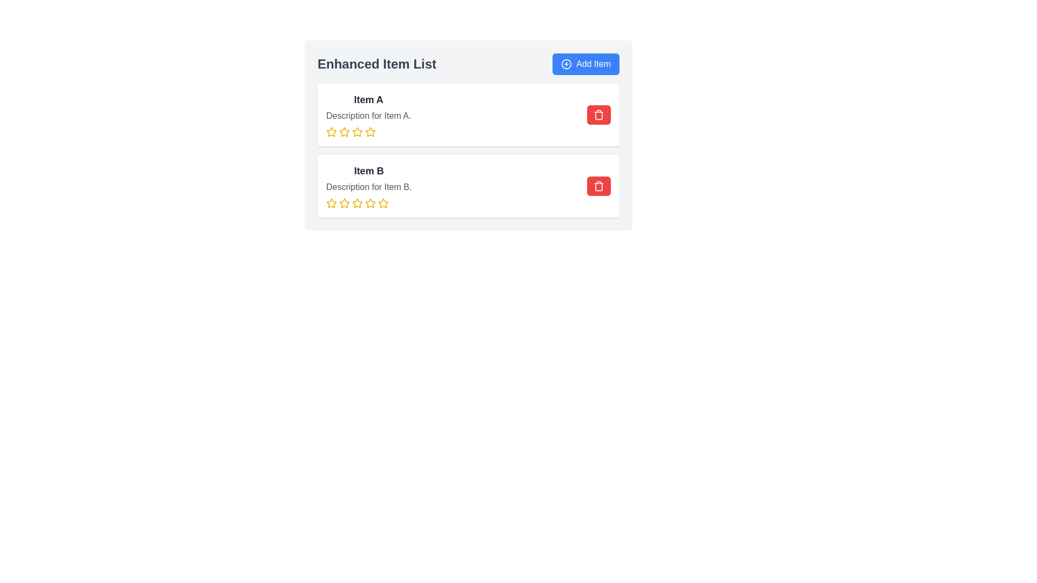 The width and height of the screenshot is (1037, 583). What do you see at coordinates (358, 132) in the screenshot?
I see `the fourth star in the rating system directly under 'Item A' to set the rating to four stars` at bounding box center [358, 132].